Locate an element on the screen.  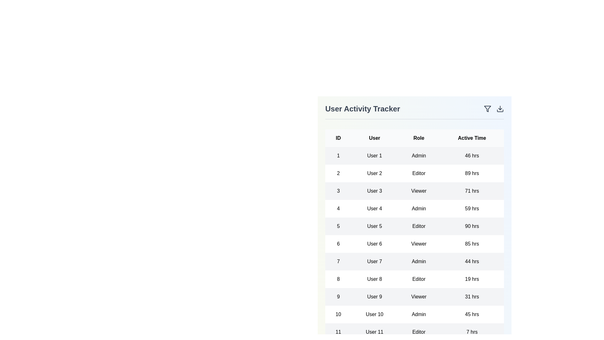
the filter icon to open filtering options is located at coordinates (487, 109).